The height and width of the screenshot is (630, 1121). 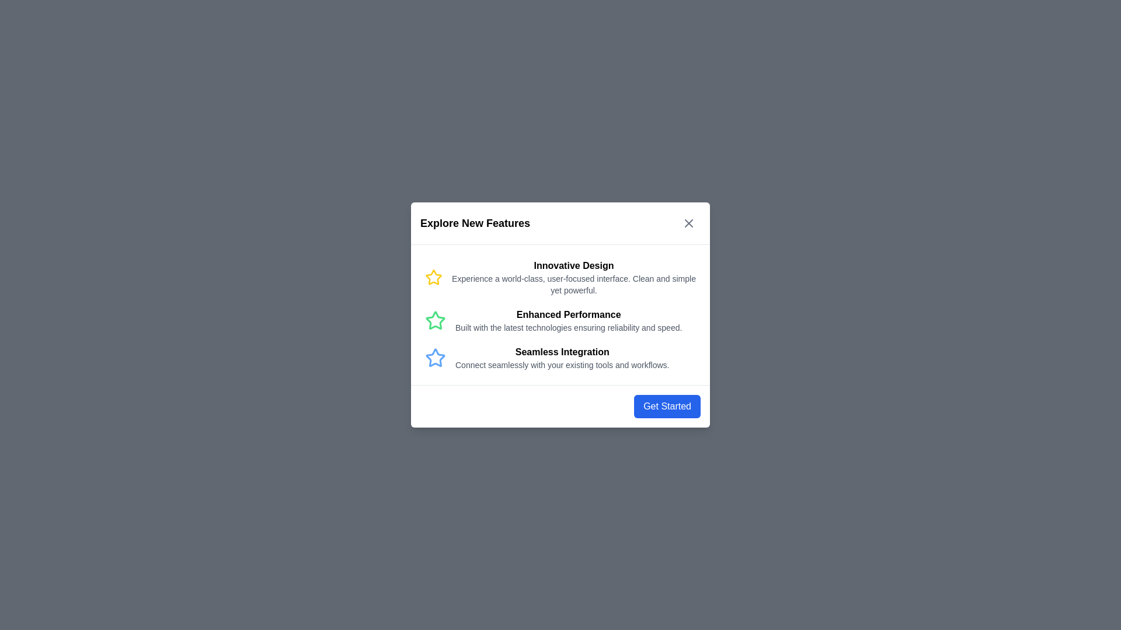 What do you see at coordinates (667, 406) in the screenshot?
I see `the button located at the bottom right corner of the modal dialog to facilitate accessibility interactions` at bounding box center [667, 406].